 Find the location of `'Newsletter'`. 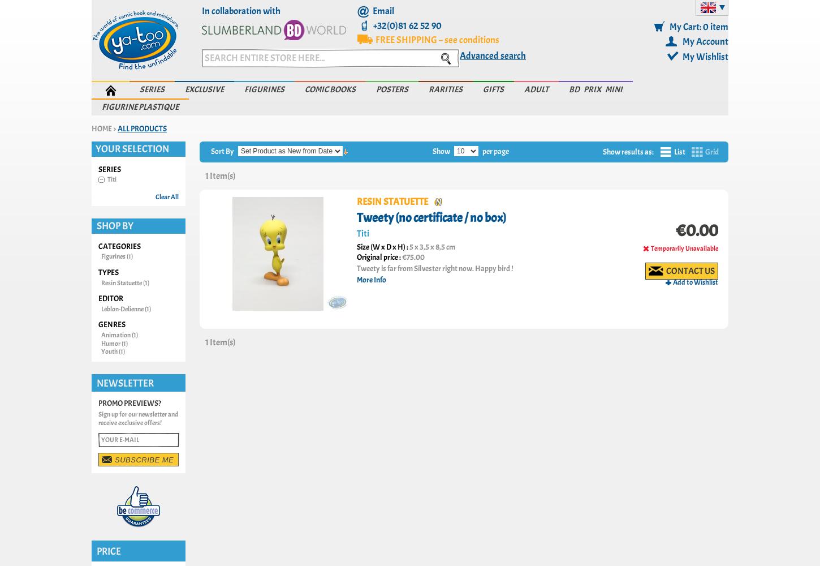

'Newsletter' is located at coordinates (124, 383).